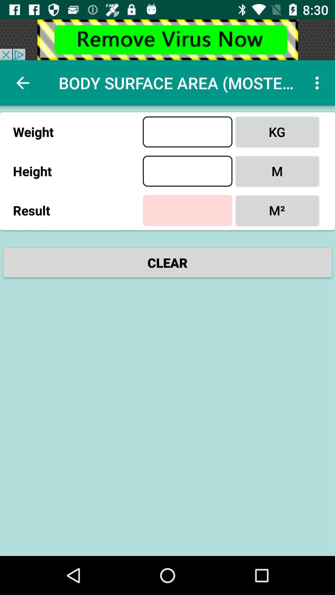  I want to click on visit virus removal website, so click(167, 39).